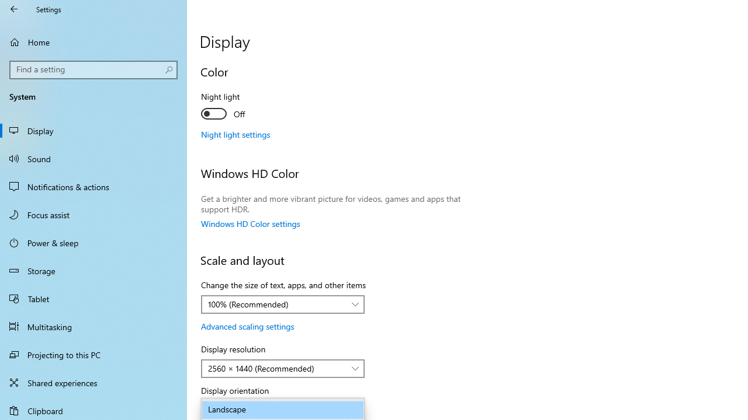 The height and width of the screenshot is (420, 748). What do you see at coordinates (235, 134) in the screenshot?
I see `'Night light settings'` at bounding box center [235, 134].